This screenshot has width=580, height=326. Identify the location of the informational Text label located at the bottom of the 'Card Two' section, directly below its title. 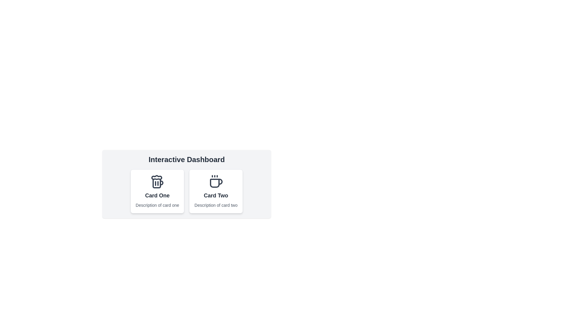
(216, 205).